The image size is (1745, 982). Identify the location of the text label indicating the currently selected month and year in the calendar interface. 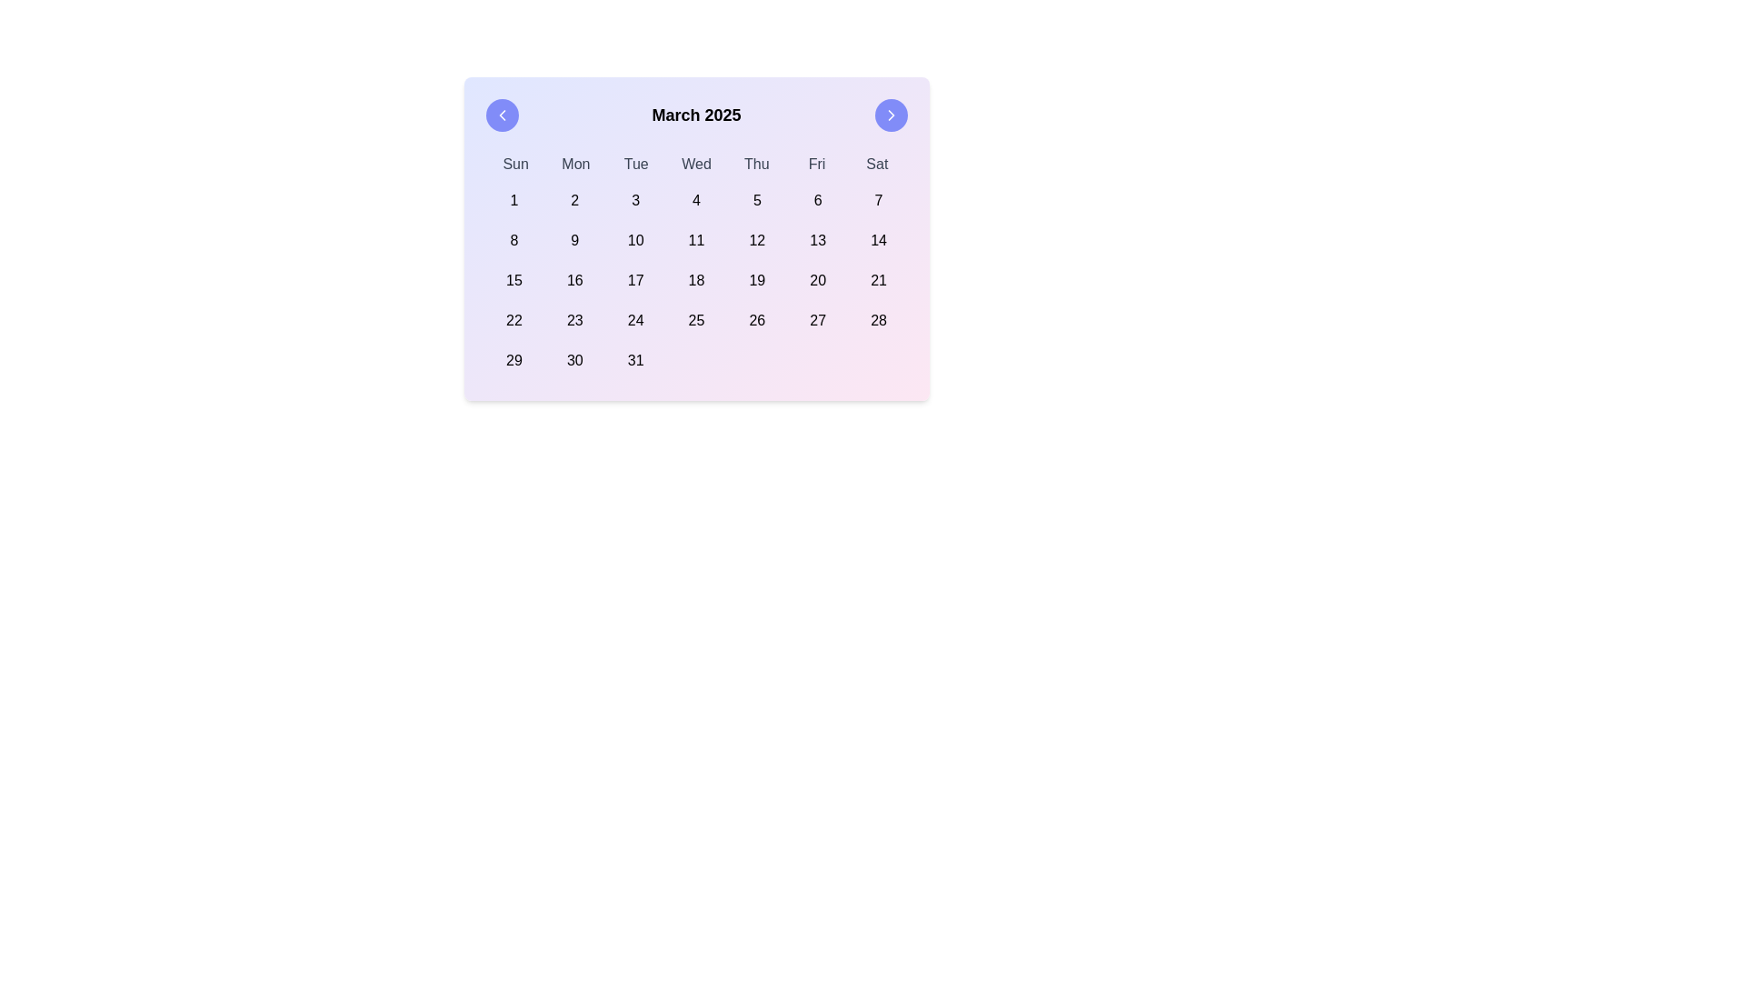
(695, 115).